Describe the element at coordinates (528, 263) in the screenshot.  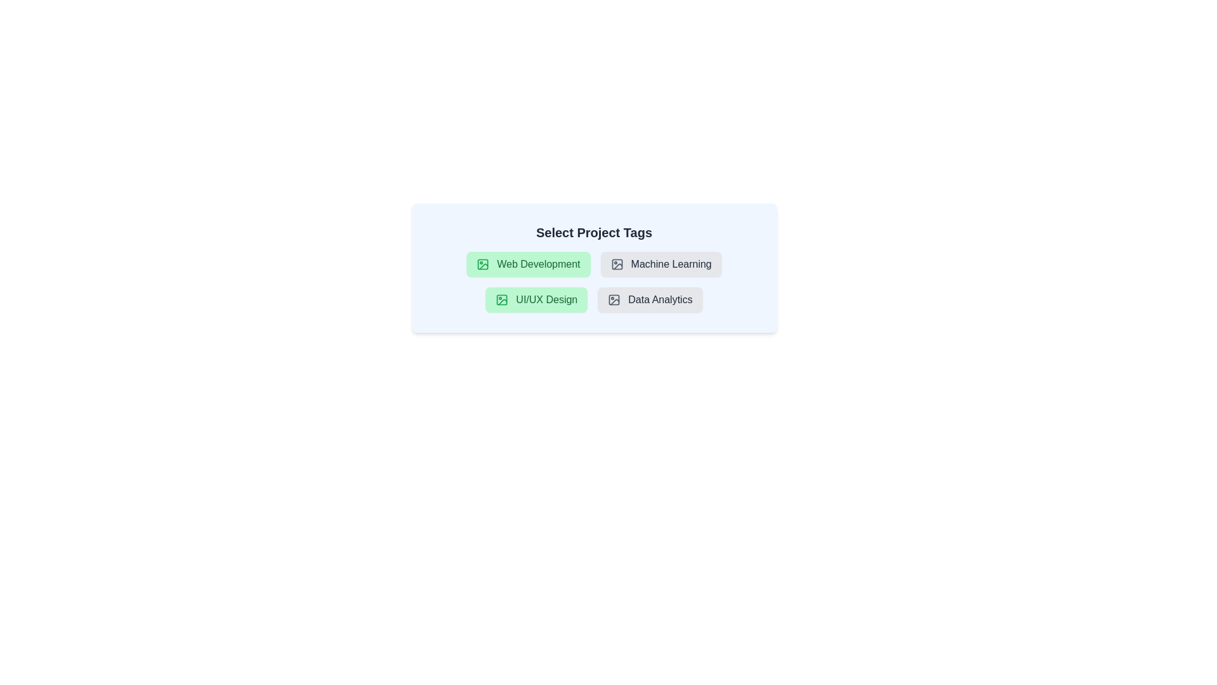
I see `the tag labeled 'Web Development' to observe the hover effect` at that location.